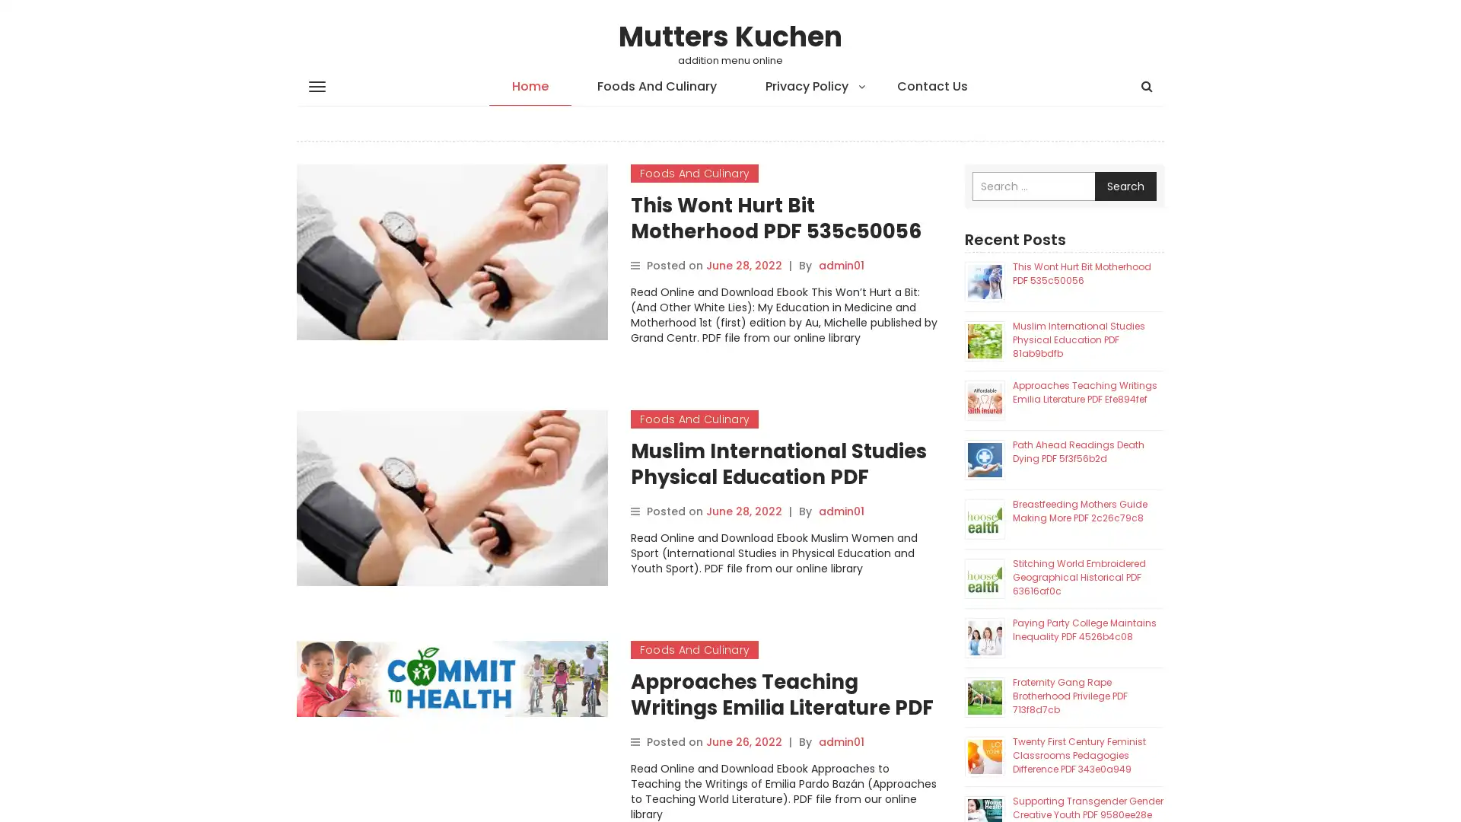 This screenshot has height=822, width=1461. Describe the element at coordinates (1125, 186) in the screenshot. I see `Search` at that location.